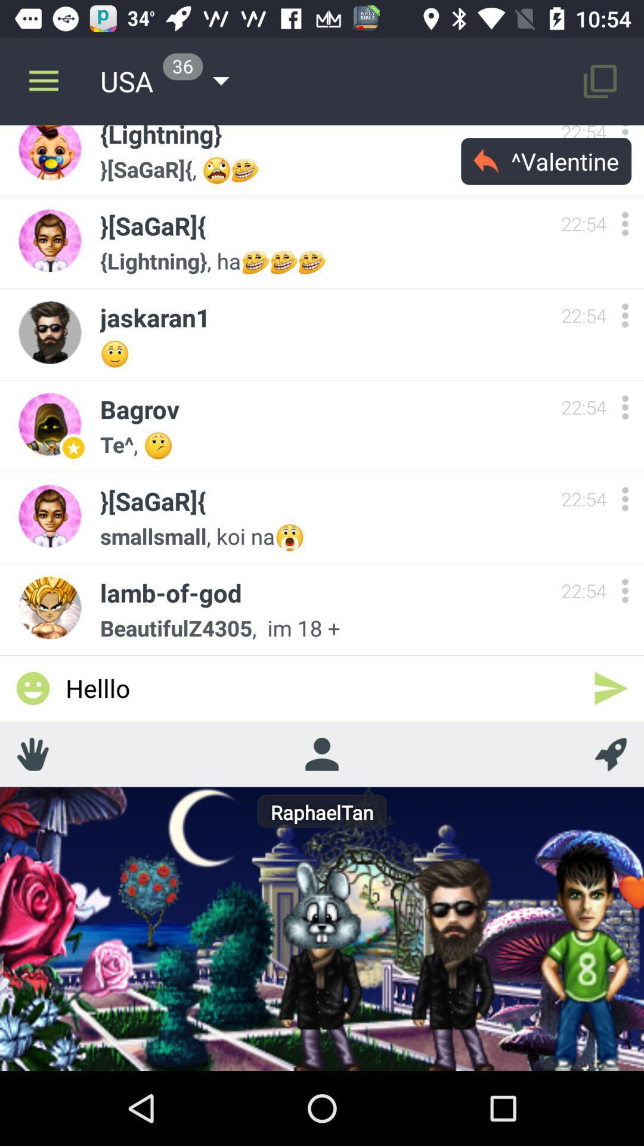  Describe the element at coordinates (624, 499) in the screenshot. I see `user` at that location.